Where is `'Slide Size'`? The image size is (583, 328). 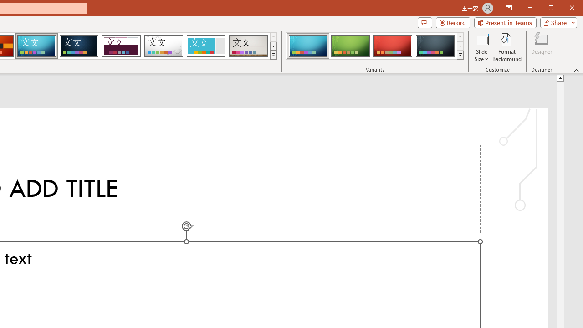 'Slide Size' is located at coordinates (481, 47).